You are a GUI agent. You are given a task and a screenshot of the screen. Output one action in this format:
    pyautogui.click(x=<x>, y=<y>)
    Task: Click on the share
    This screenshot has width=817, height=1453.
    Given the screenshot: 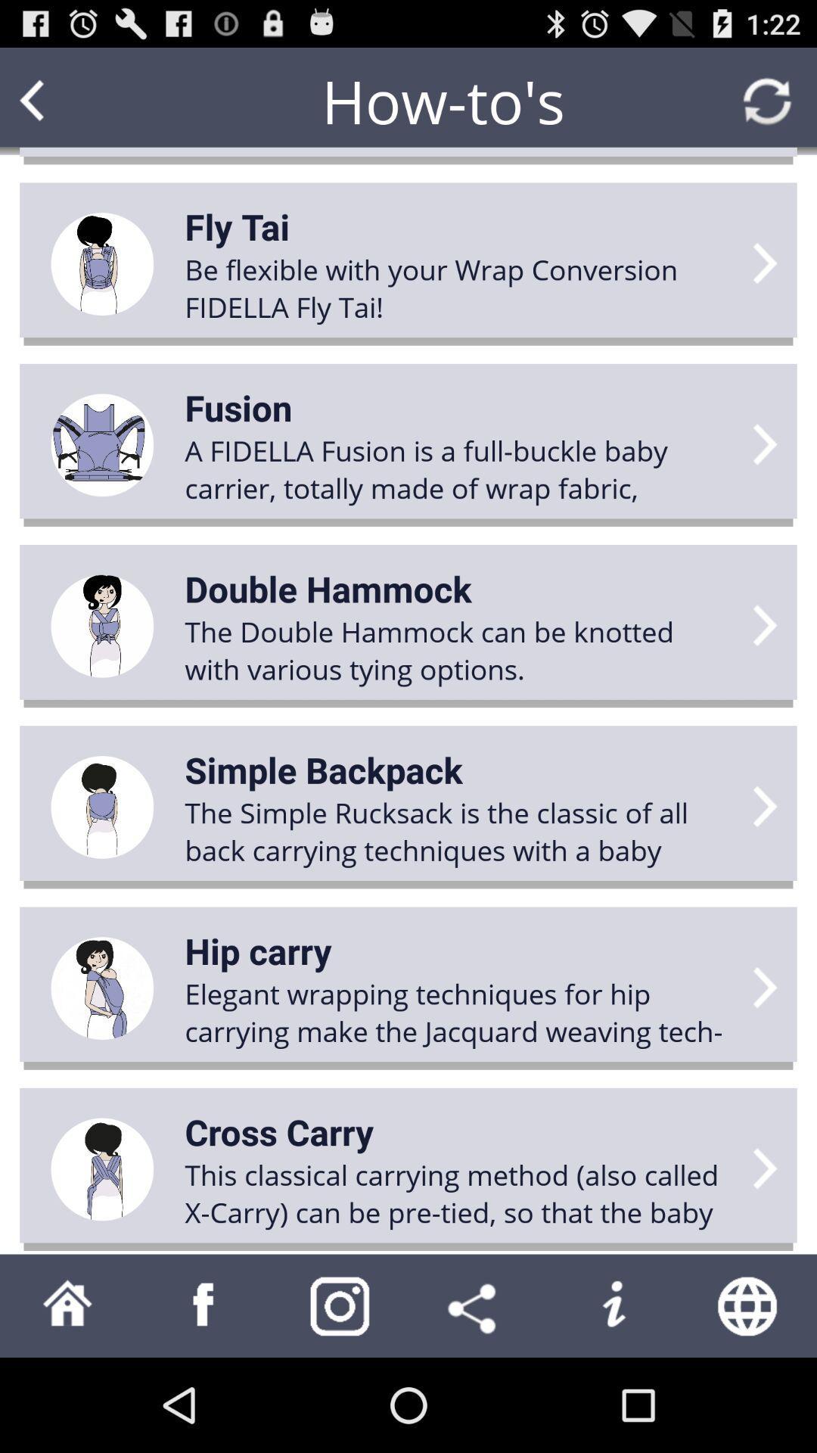 What is the action you would take?
    pyautogui.click(x=475, y=1305)
    